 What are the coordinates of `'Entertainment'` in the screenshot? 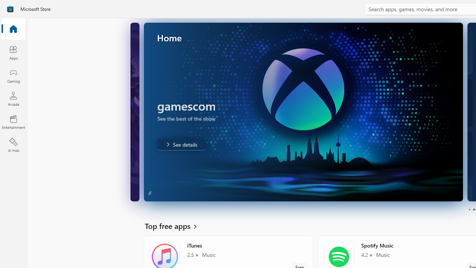 It's located at (13, 121).